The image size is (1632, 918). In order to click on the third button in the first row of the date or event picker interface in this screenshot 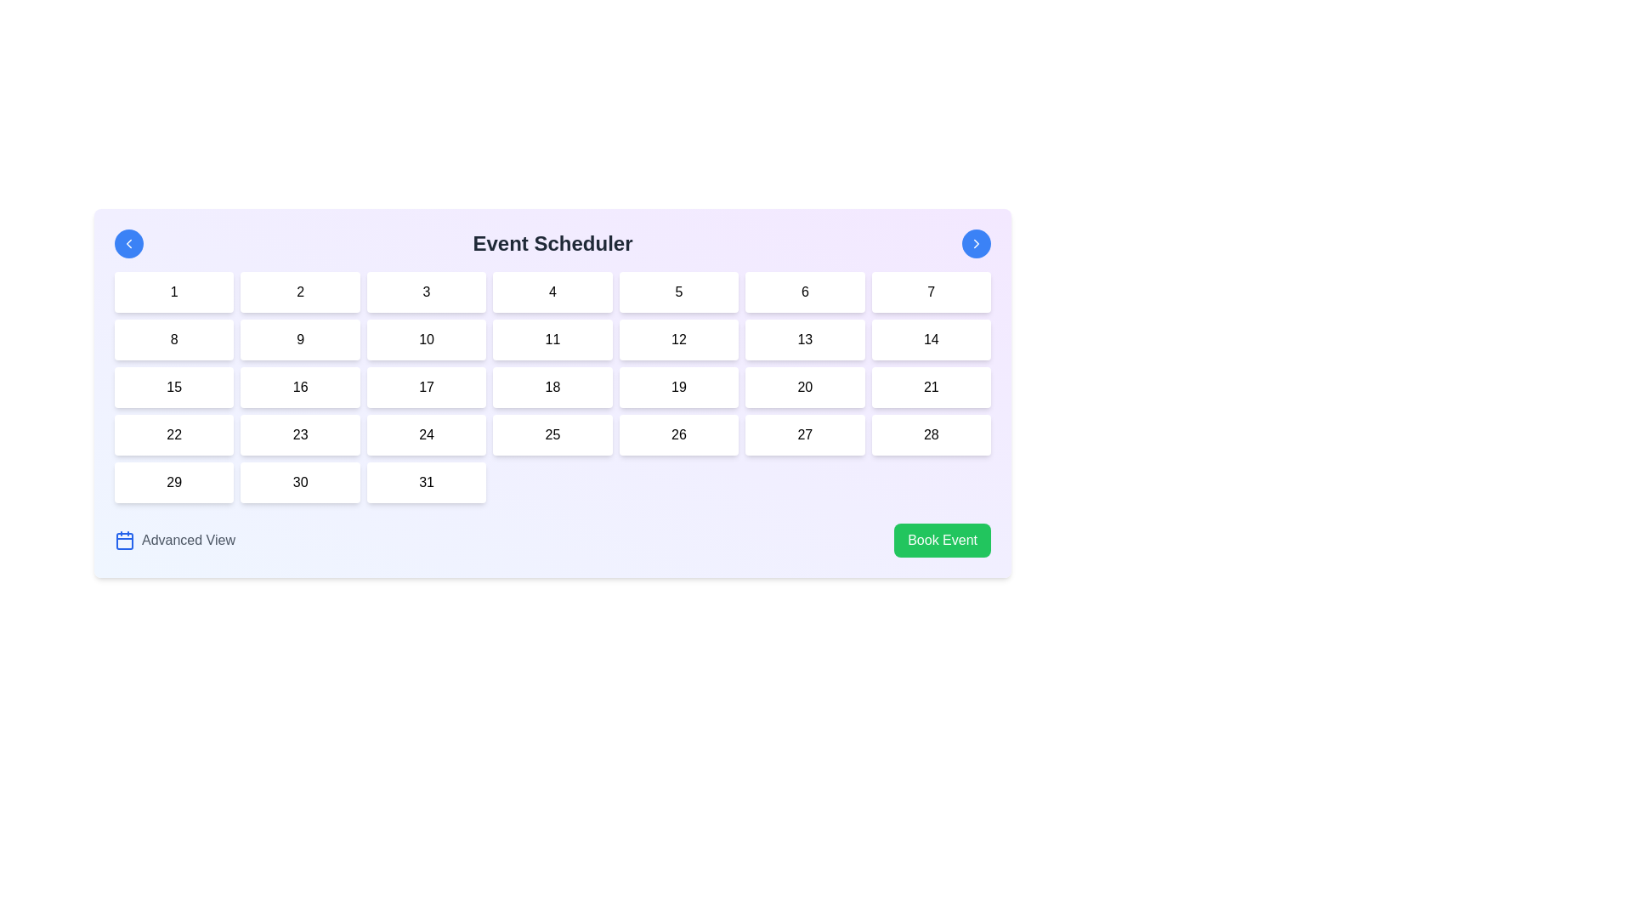, I will do `click(427, 291)`.